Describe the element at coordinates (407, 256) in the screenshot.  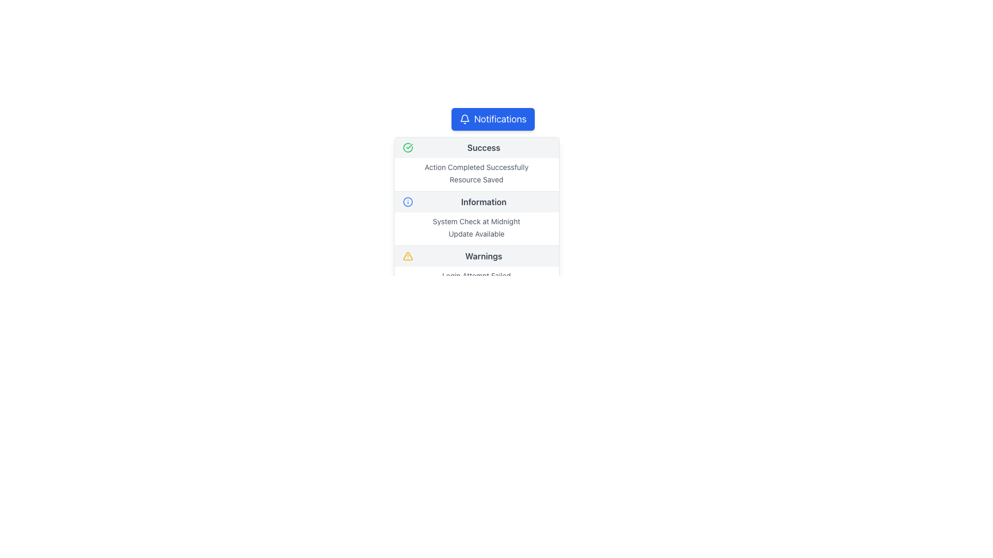
I see `the triangular warning icon with a bold yellow border that contains an exclamation mark, positioned to the left of the 'Warnings' label in the notification card` at that location.